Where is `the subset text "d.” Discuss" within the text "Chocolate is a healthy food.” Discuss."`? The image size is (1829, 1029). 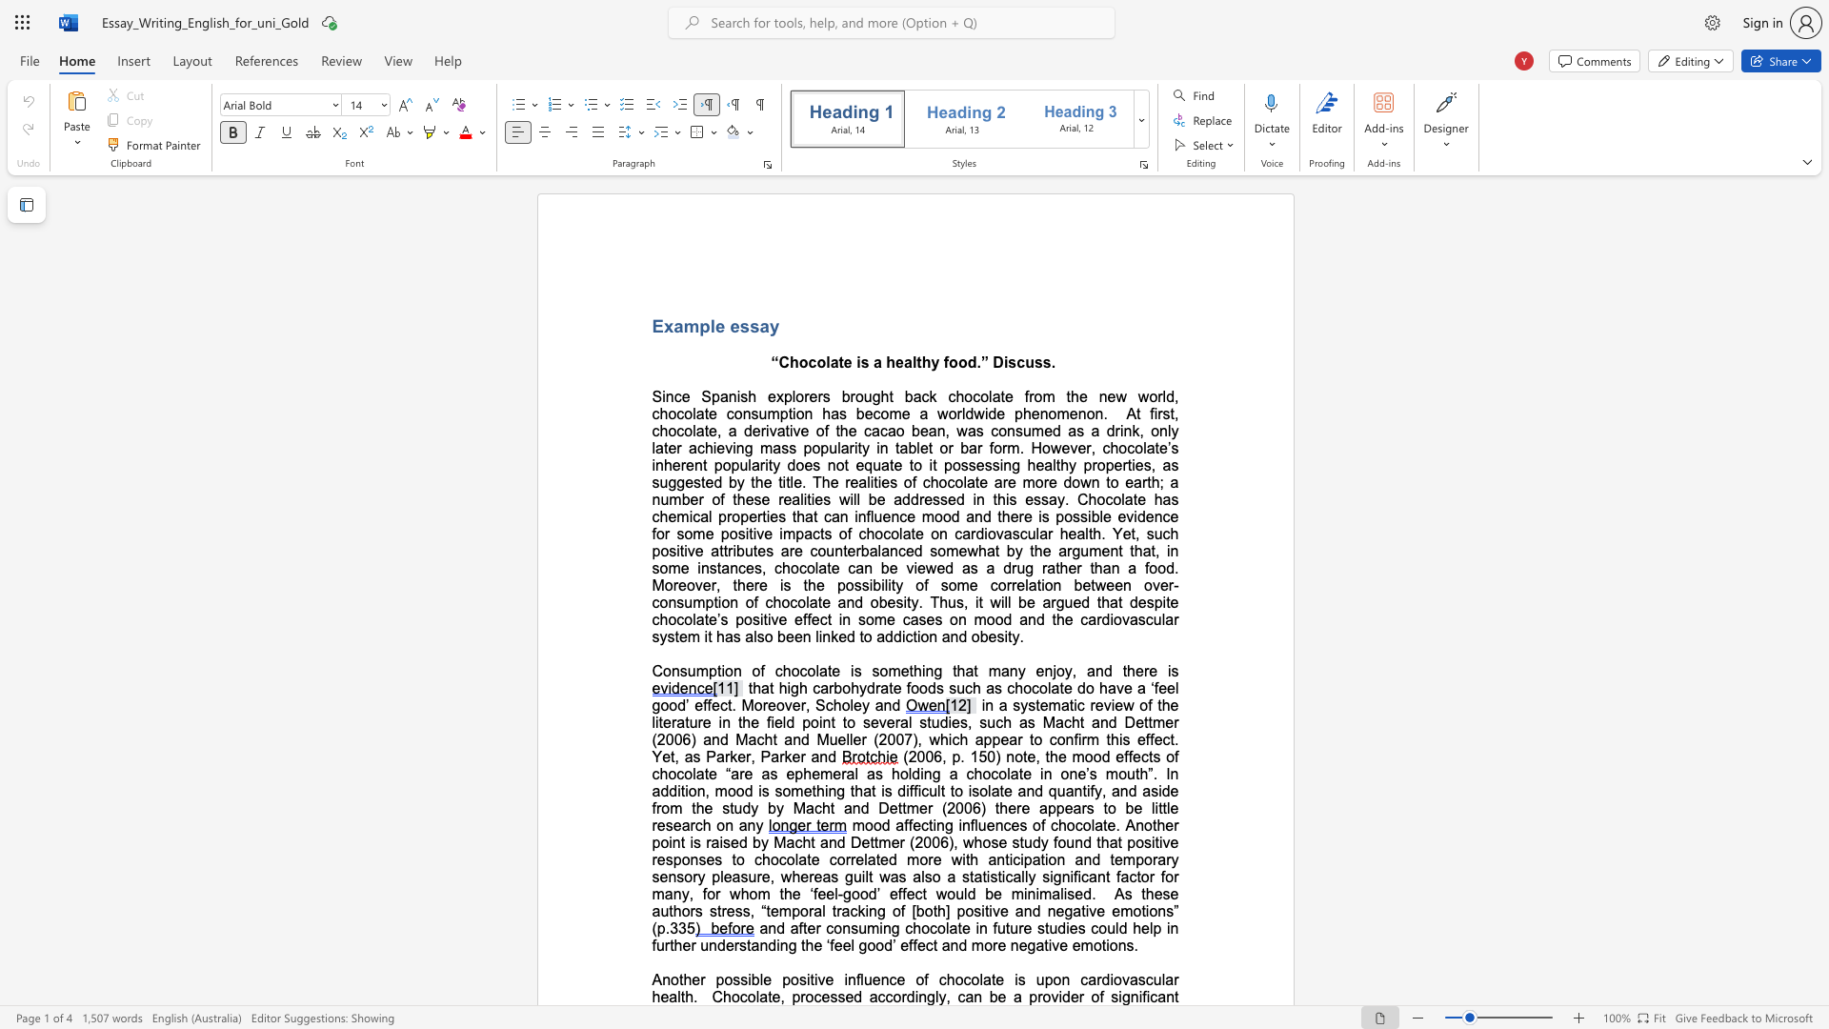
the subset text "d.” Discuss" within the text "Chocolate is a healthy food.” Discuss." is located at coordinates (967, 362).